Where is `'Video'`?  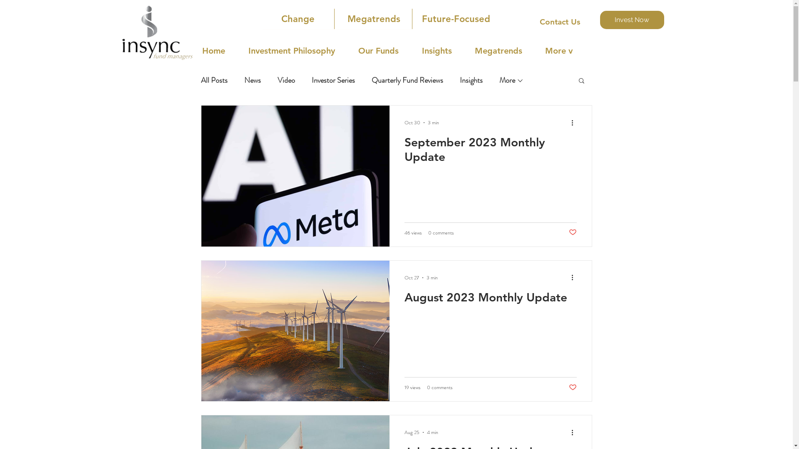
'Video' is located at coordinates (285, 80).